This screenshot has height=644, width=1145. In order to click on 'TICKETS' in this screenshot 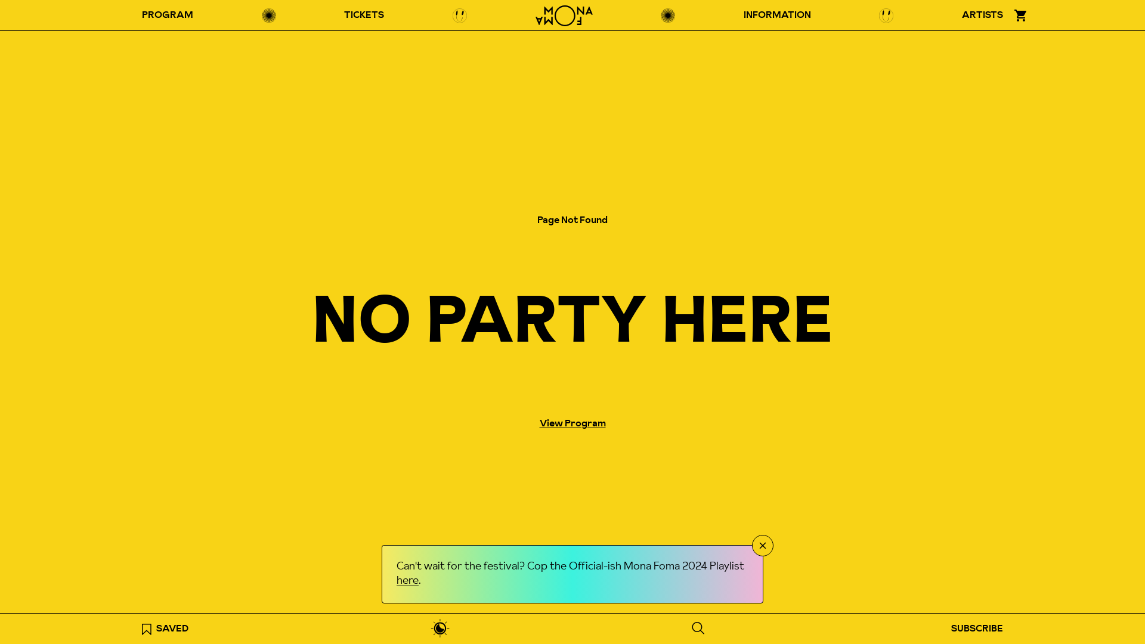, I will do `click(363, 16)`.